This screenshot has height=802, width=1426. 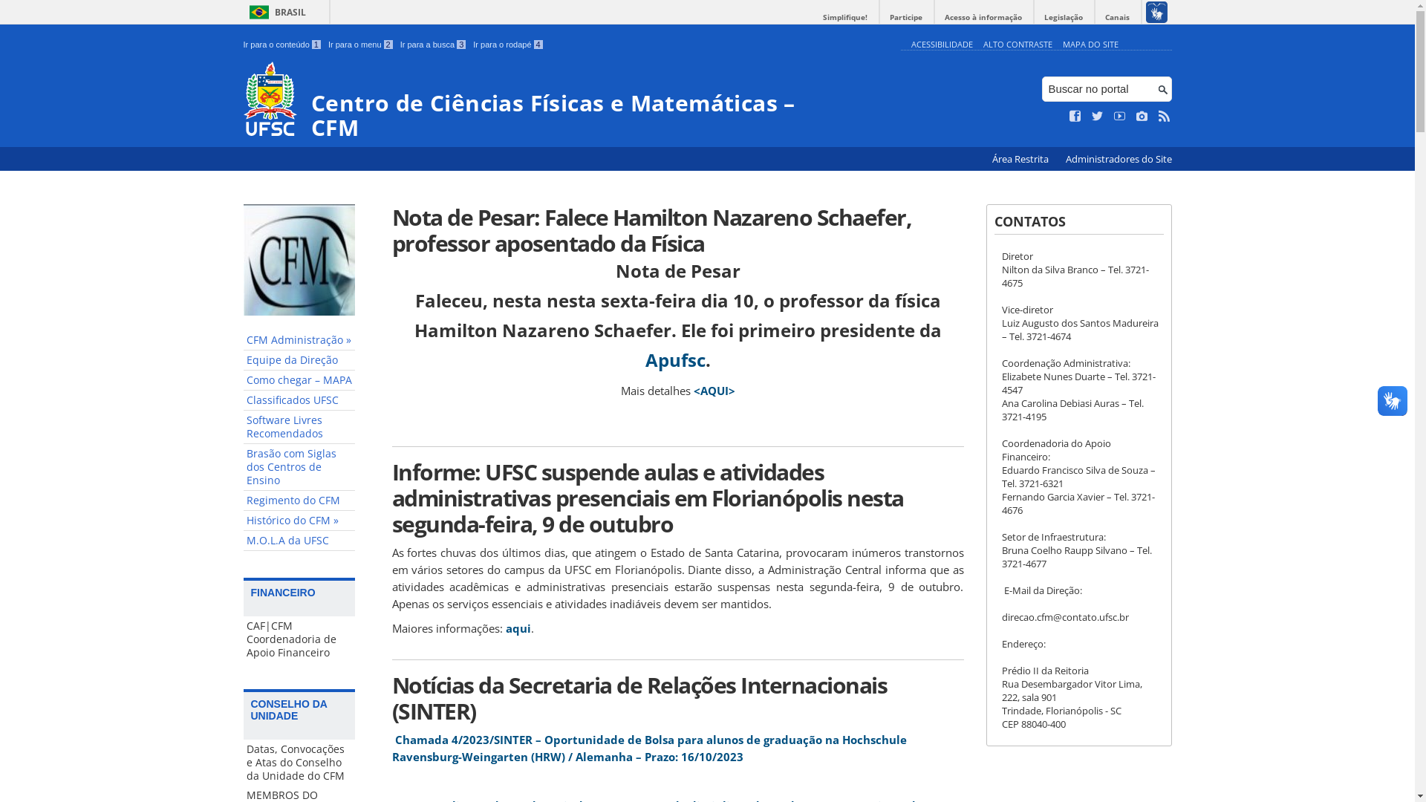 What do you see at coordinates (243, 12) in the screenshot?
I see `'BRASIL'` at bounding box center [243, 12].